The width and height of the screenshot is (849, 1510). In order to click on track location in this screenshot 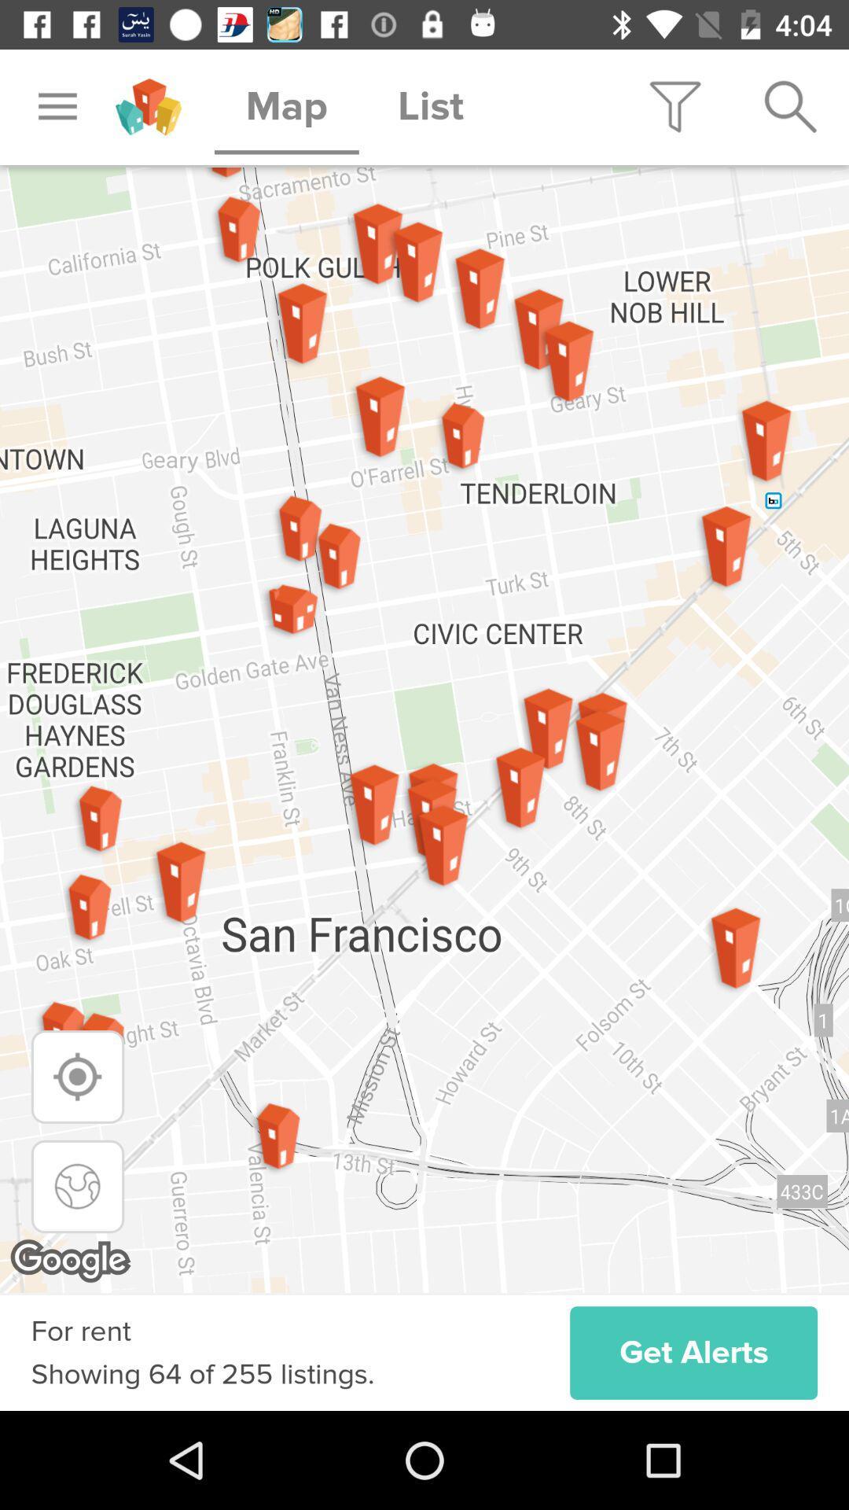, I will do `click(78, 1076)`.